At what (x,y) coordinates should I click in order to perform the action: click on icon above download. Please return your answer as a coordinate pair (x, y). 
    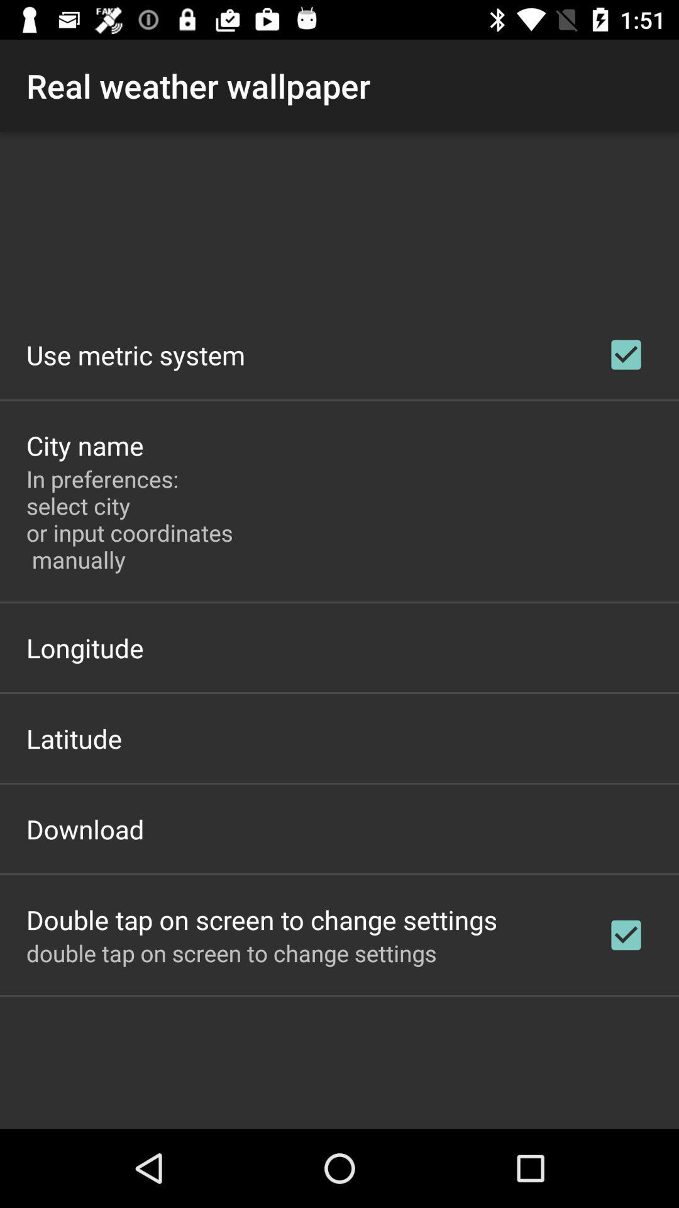
    Looking at the image, I should click on (74, 738).